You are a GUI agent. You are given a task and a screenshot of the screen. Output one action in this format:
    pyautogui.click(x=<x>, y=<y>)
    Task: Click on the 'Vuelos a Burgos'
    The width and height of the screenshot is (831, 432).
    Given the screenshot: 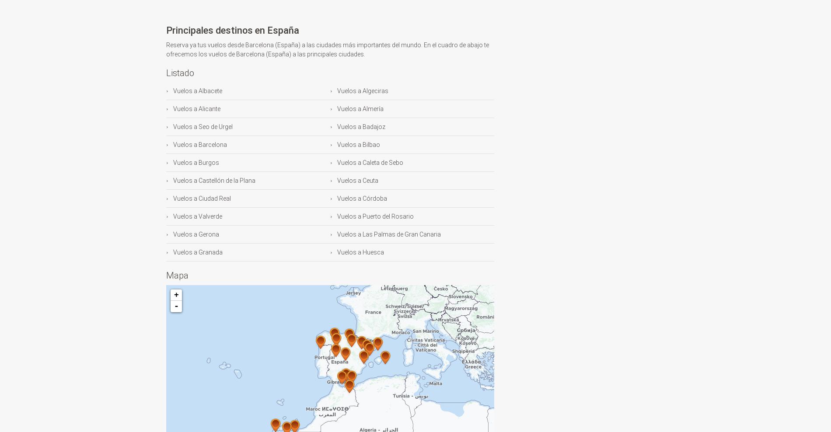 What is the action you would take?
    pyautogui.click(x=195, y=162)
    